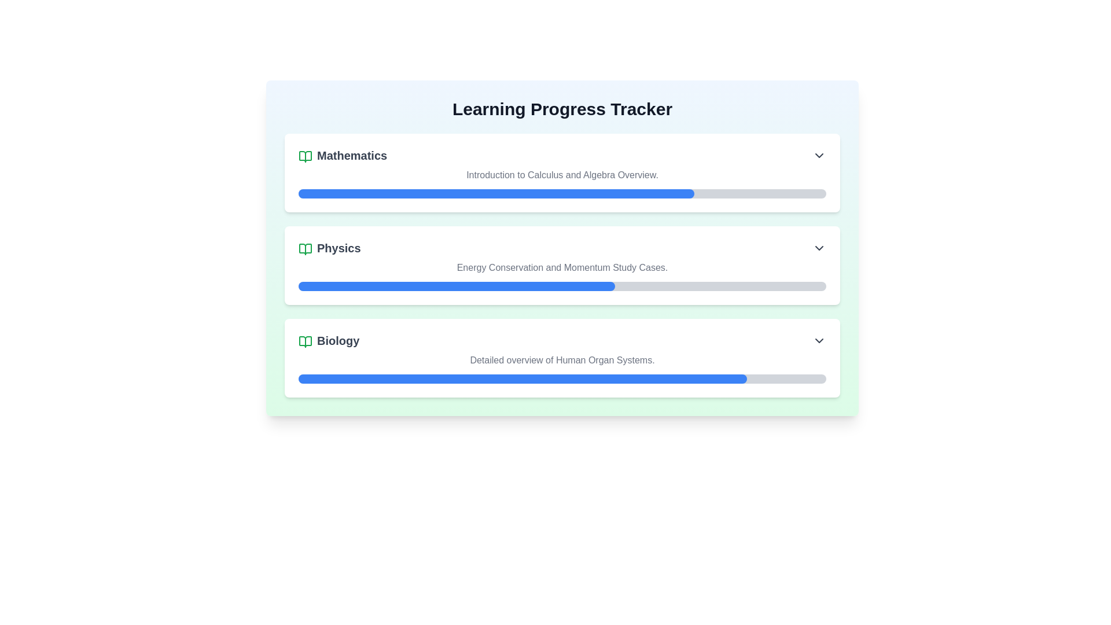 This screenshot has height=625, width=1111. What do you see at coordinates (562, 379) in the screenshot?
I see `the progress visually on the horizontal progress bar located under the 'Detailed overview of Human Organ Systems' in the 'Biology' section` at bounding box center [562, 379].